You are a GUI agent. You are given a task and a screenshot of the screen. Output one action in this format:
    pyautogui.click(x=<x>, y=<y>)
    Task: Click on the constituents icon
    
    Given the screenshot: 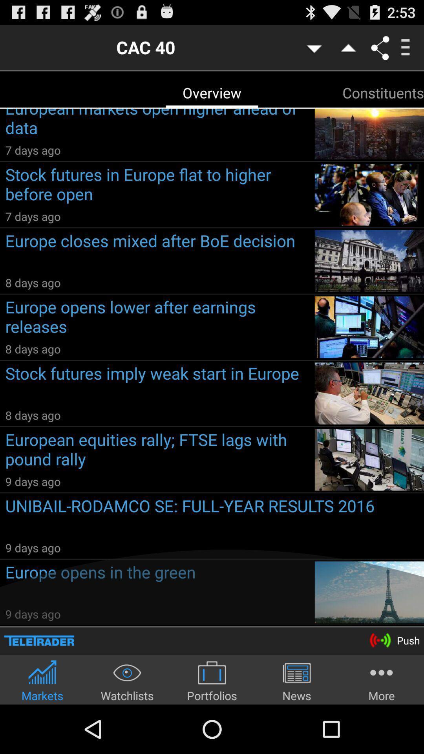 What is the action you would take?
    pyautogui.click(x=383, y=93)
    